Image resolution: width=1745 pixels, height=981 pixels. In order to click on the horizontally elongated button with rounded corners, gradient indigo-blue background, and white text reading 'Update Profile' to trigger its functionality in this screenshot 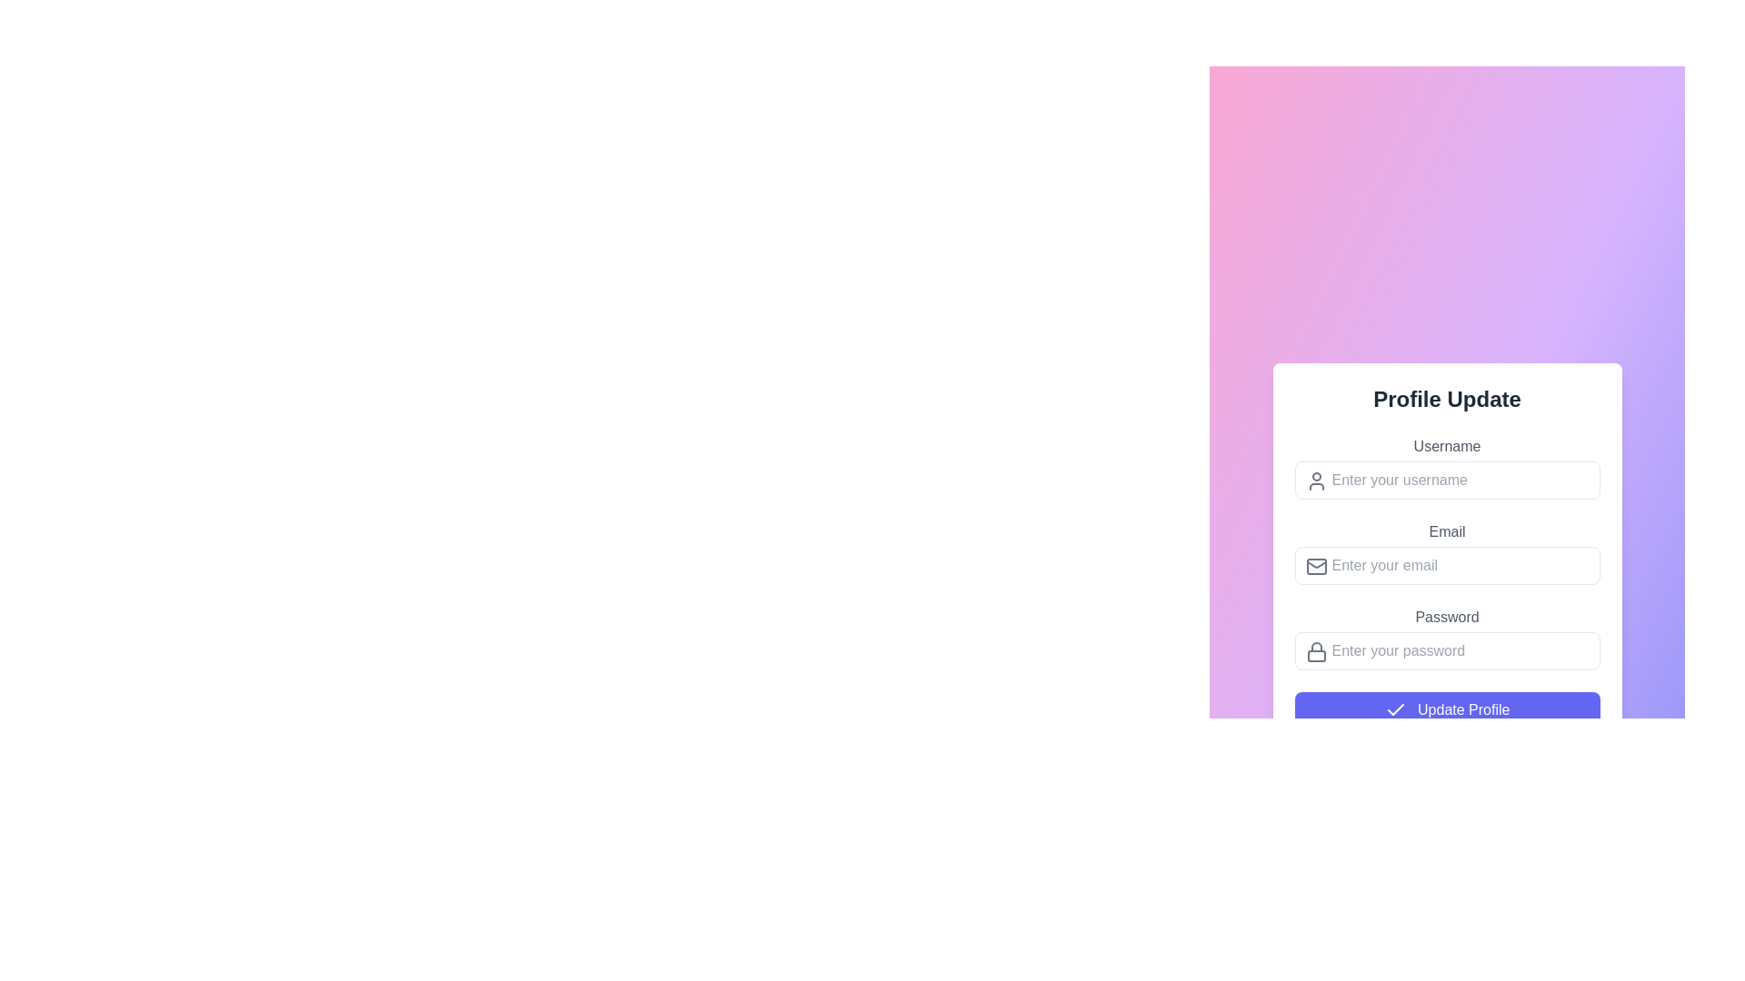, I will do `click(1446, 709)`.